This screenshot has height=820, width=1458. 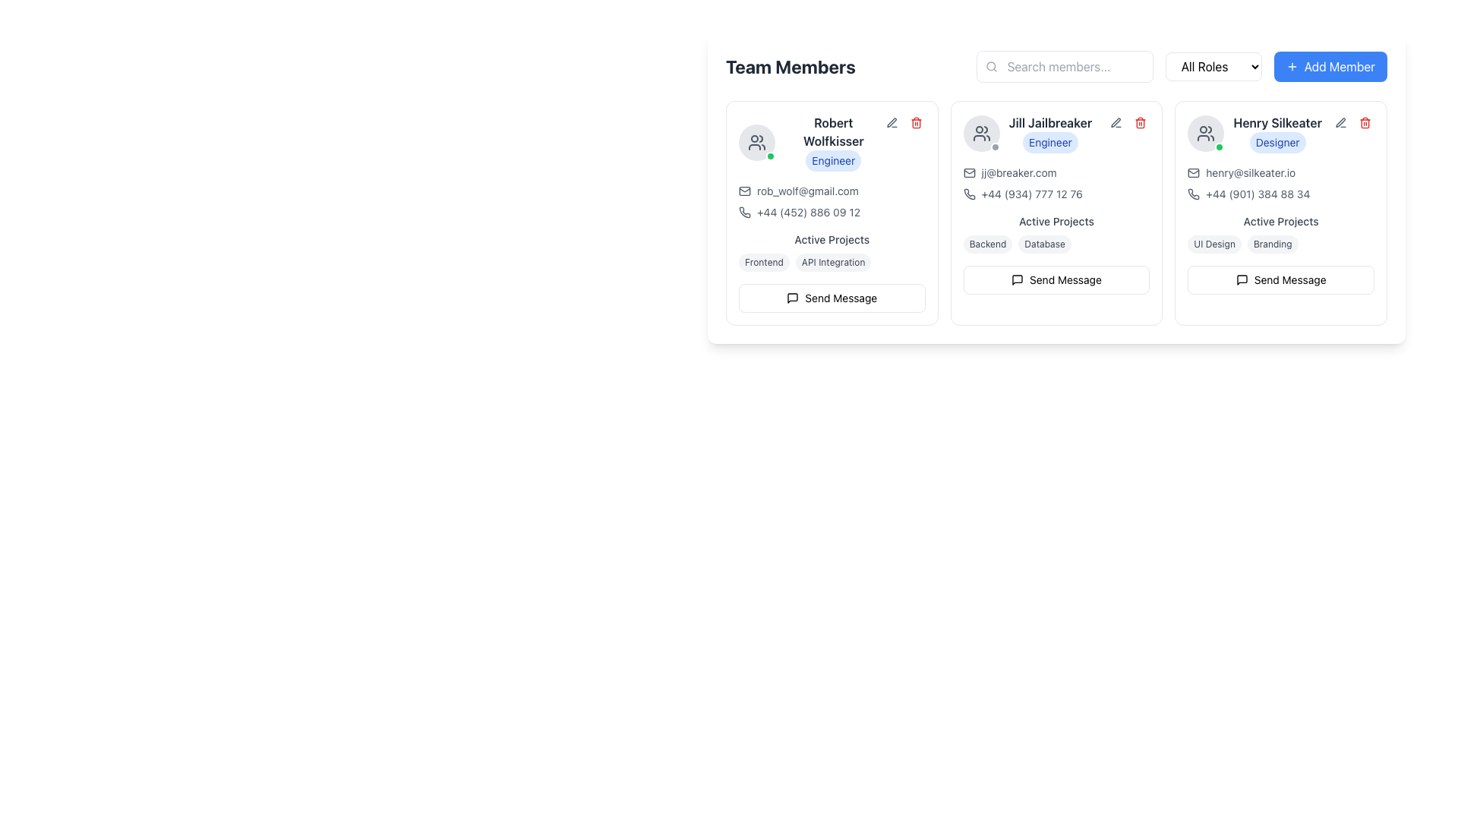 I want to click on the phone number text block accompanied by a phone icon for 'Jill Jailbreaker' located in the lower section of the card, directly under the email address, so click(x=1056, y=193).